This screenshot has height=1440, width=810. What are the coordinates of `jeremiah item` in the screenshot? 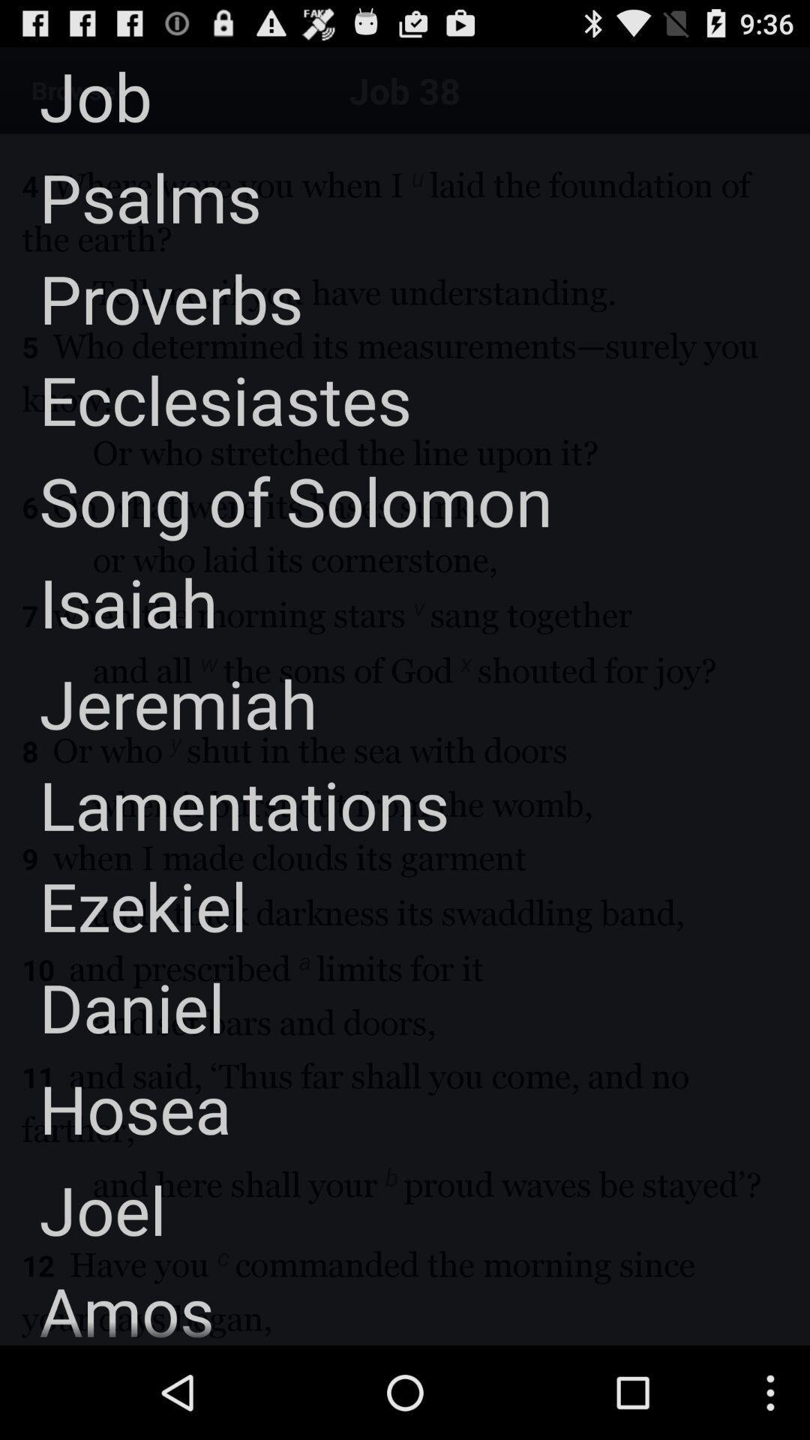 It's located at (158, 702).